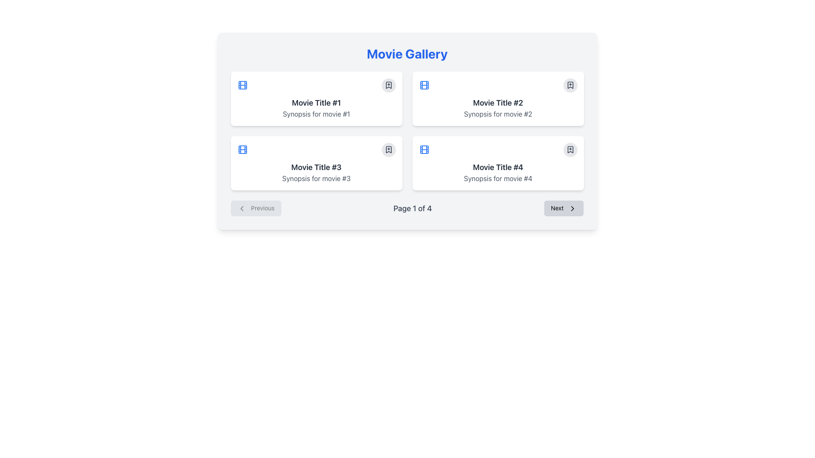 This screenshot has width=815, height=458. Describe the element at coordinates (388, 149) in the screenshot. I see `the SVG icon button shaped like a bookmark with a plus symbol, located in the top-right corner of the card for 'Movie Title #3', to trigger tooltip or visual feedback` at that location.